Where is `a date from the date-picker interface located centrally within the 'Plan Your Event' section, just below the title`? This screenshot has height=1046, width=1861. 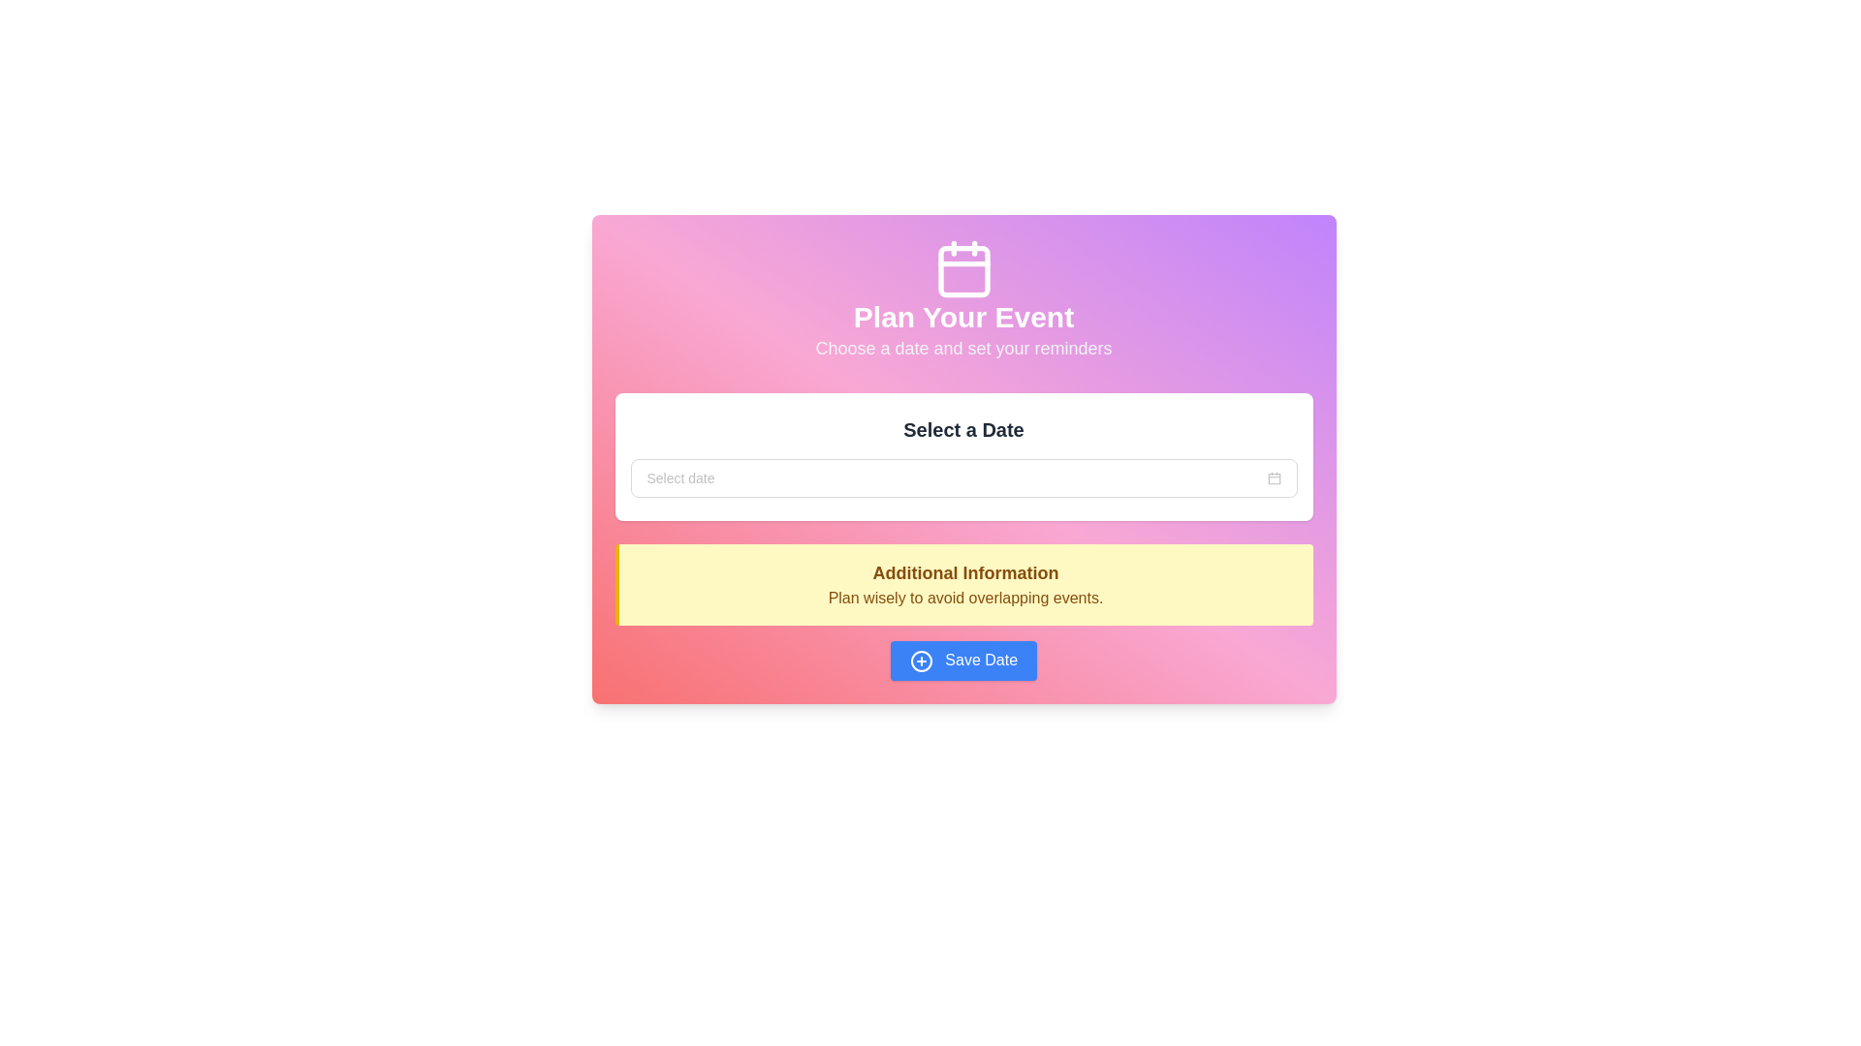 a date from the date-picker interface located centrally within the 'Plan Your Event' section, just below the title is located at coordinates (963, 456).